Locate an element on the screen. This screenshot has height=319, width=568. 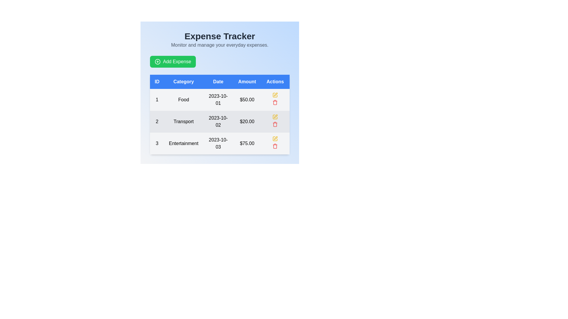
the edit action button in the 'Actions' column for the second row of the table to initiate edit mode is located at coordinates (275, 117).